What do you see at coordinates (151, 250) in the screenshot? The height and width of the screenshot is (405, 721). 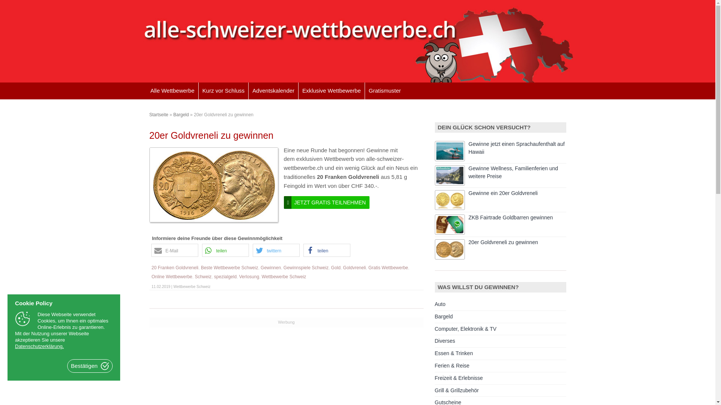 I see `'E-Mail '` at bounding box center [151, 250].